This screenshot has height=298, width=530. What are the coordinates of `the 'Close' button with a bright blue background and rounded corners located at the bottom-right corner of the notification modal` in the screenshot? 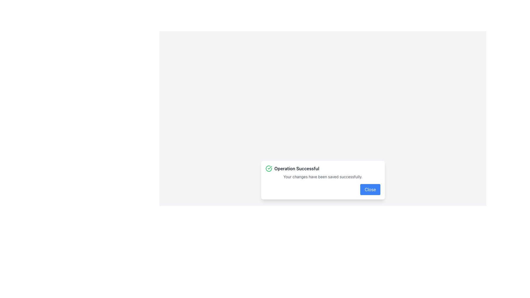 It's located at (370, 189).